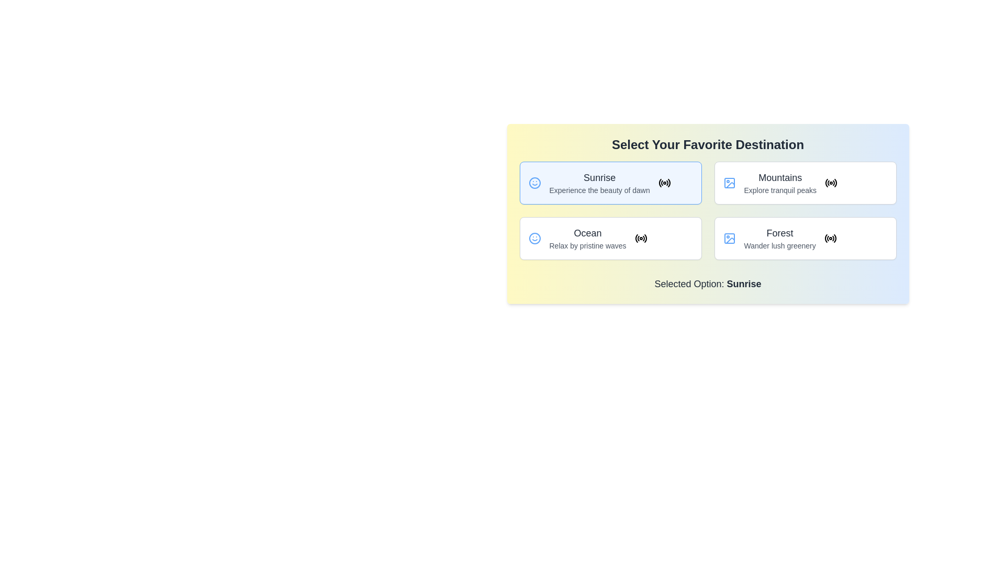  Describe the element at coordinates (780, 238) in the screenshot. I see `the list item option for 'Forest'` at that location.